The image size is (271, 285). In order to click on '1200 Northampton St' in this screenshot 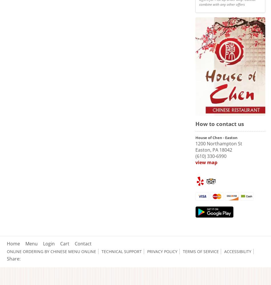, I will do `click(219, 144)`.